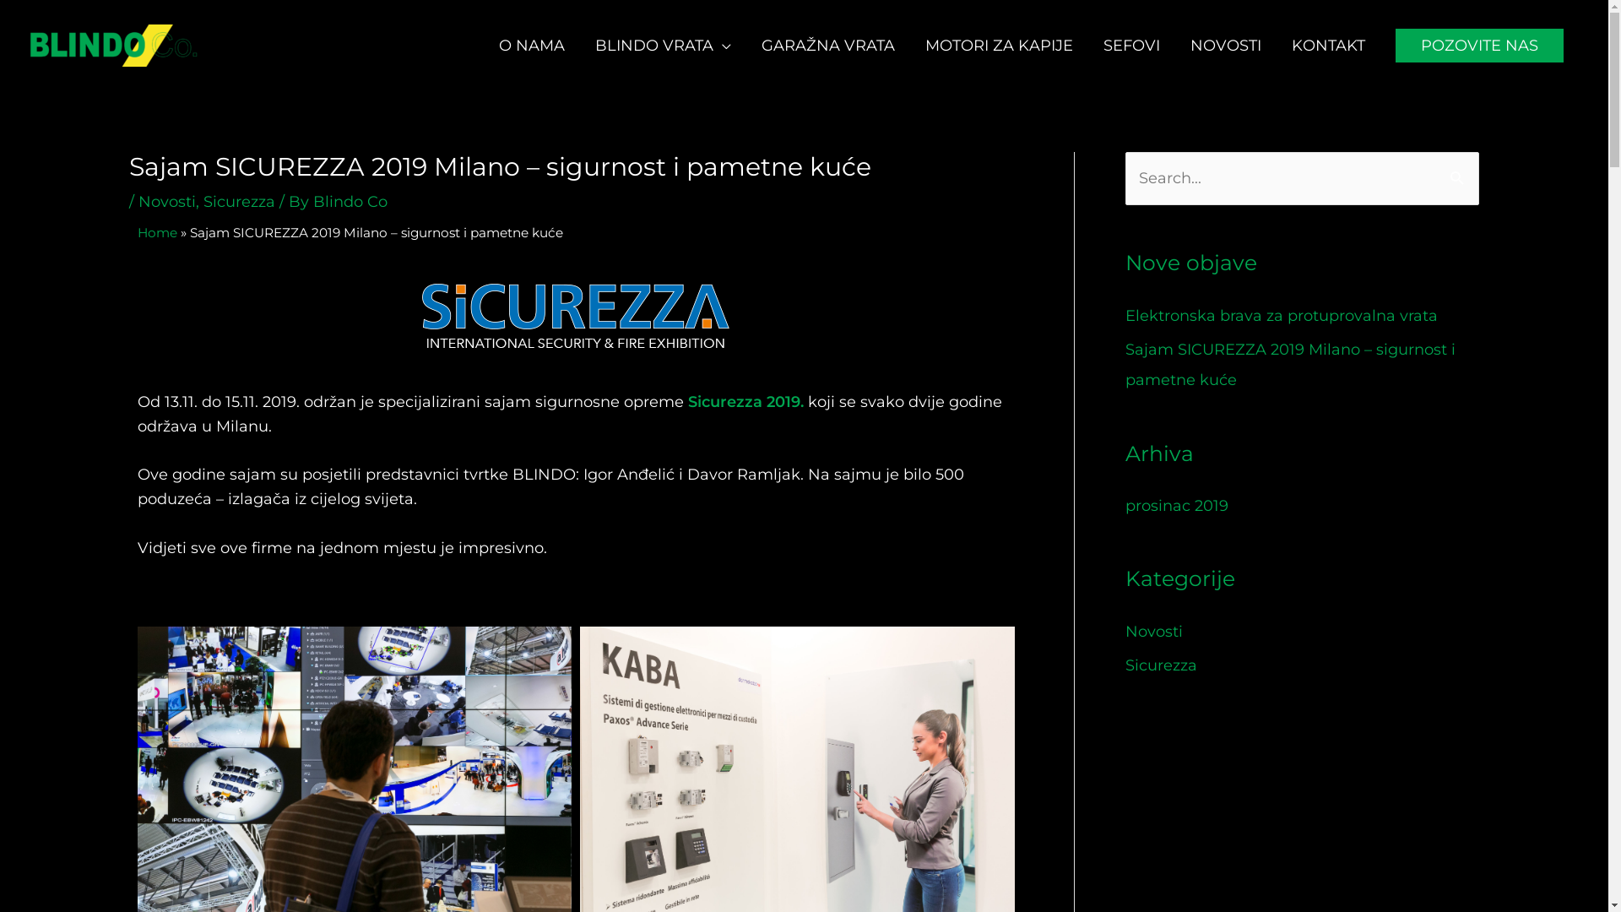 This screenshot has width=1621, height=912. Describe the element at coordinates (156, 232) in the screenshot. I see `'Home'` at that location.